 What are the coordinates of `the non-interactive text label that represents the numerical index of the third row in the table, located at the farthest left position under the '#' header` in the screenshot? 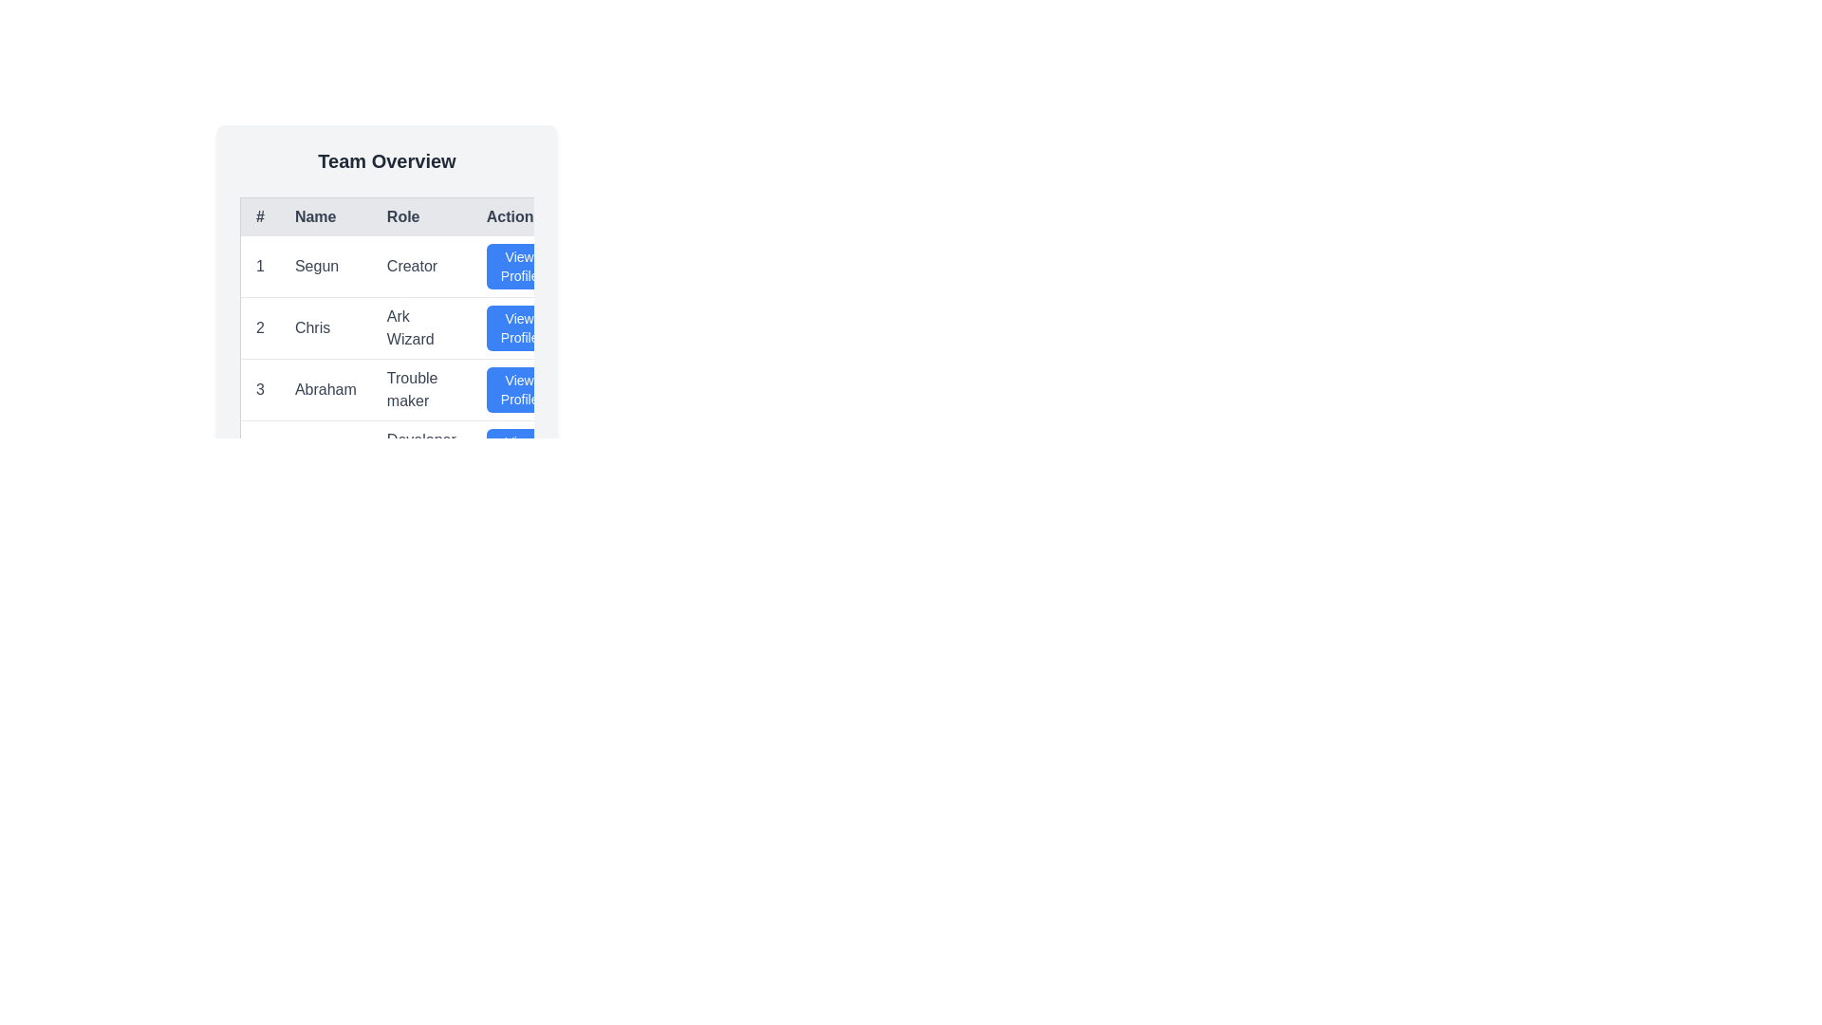 It's located at (259, 389).